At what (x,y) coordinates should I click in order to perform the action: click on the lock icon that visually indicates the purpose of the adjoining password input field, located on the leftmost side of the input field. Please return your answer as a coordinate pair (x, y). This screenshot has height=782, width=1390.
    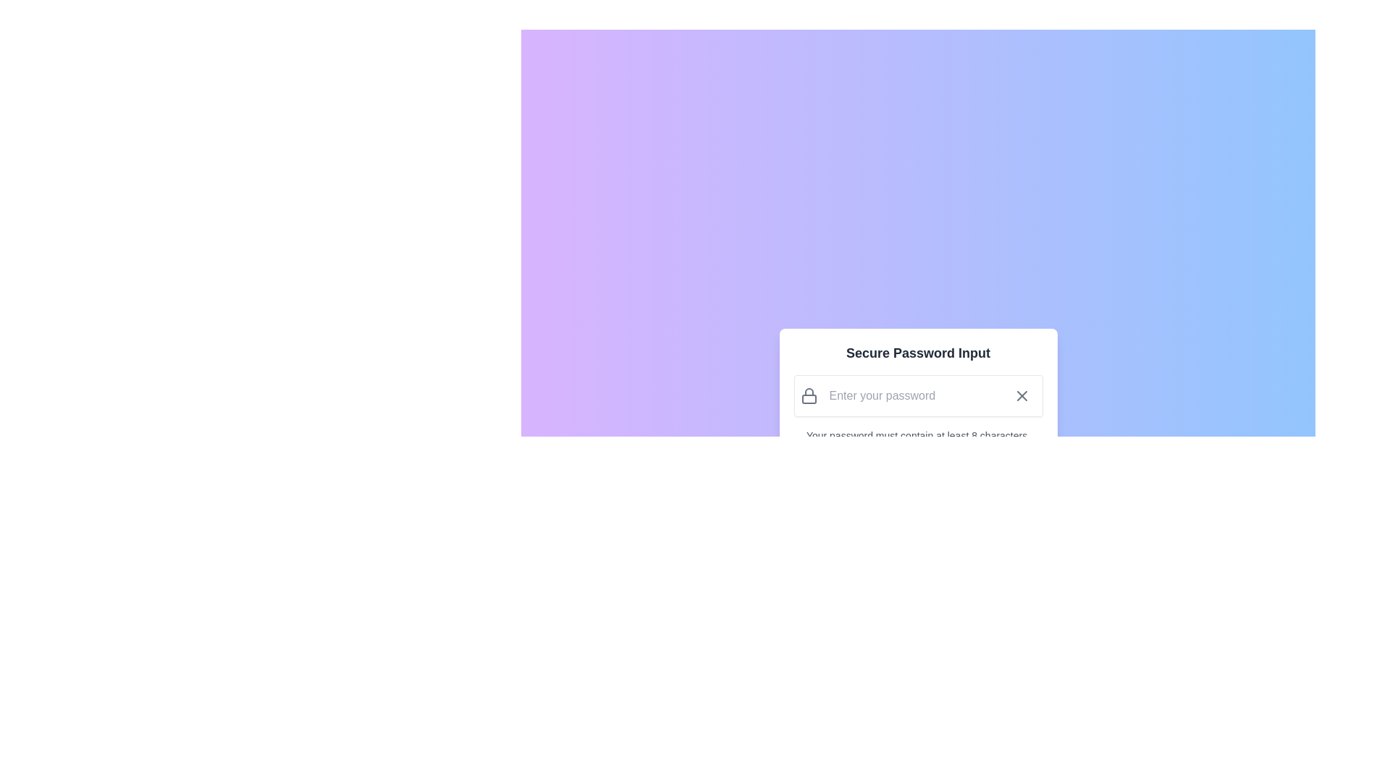
    Looking at the image, I should click on (808, 396).